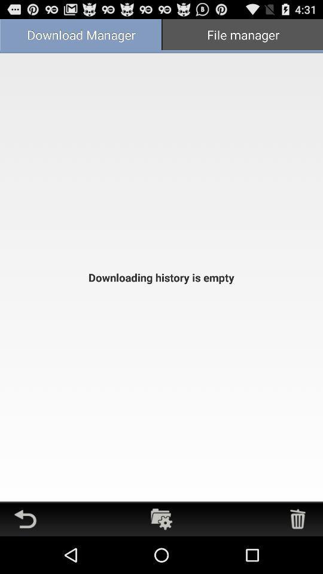  Describe the element at coordinates (81, 35) in the screenshot. I see `the icon to the left of file manager icon` at that location.